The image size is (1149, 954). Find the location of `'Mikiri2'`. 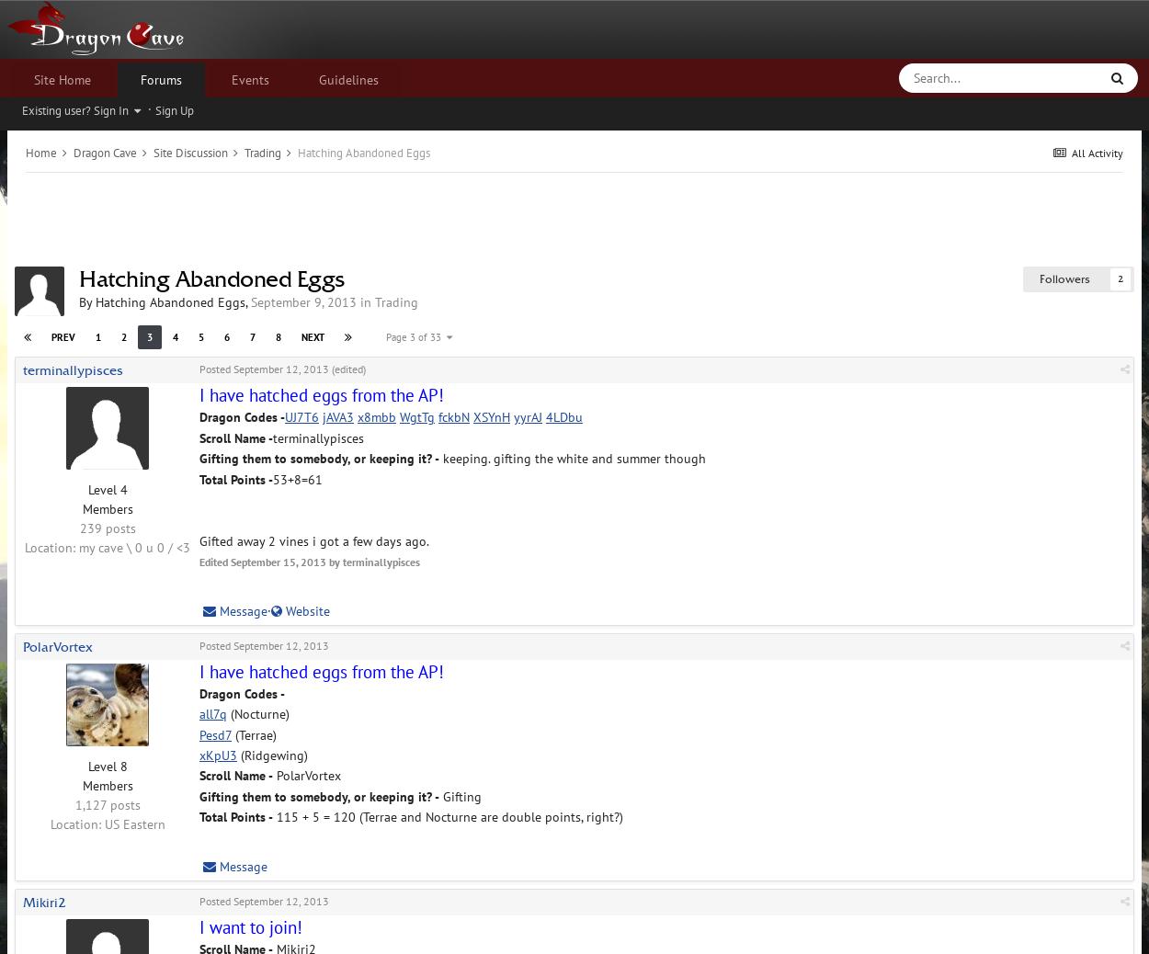

'Mikiri2' is located at coordinates (44, 902).